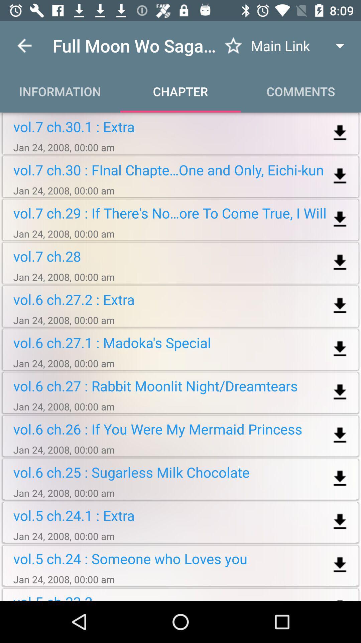 Image resolution: width=361 pixels, height=643 pixels. Describe the element at coordinates (340, 565) in the screenshot. I see `download chapter` at that location.